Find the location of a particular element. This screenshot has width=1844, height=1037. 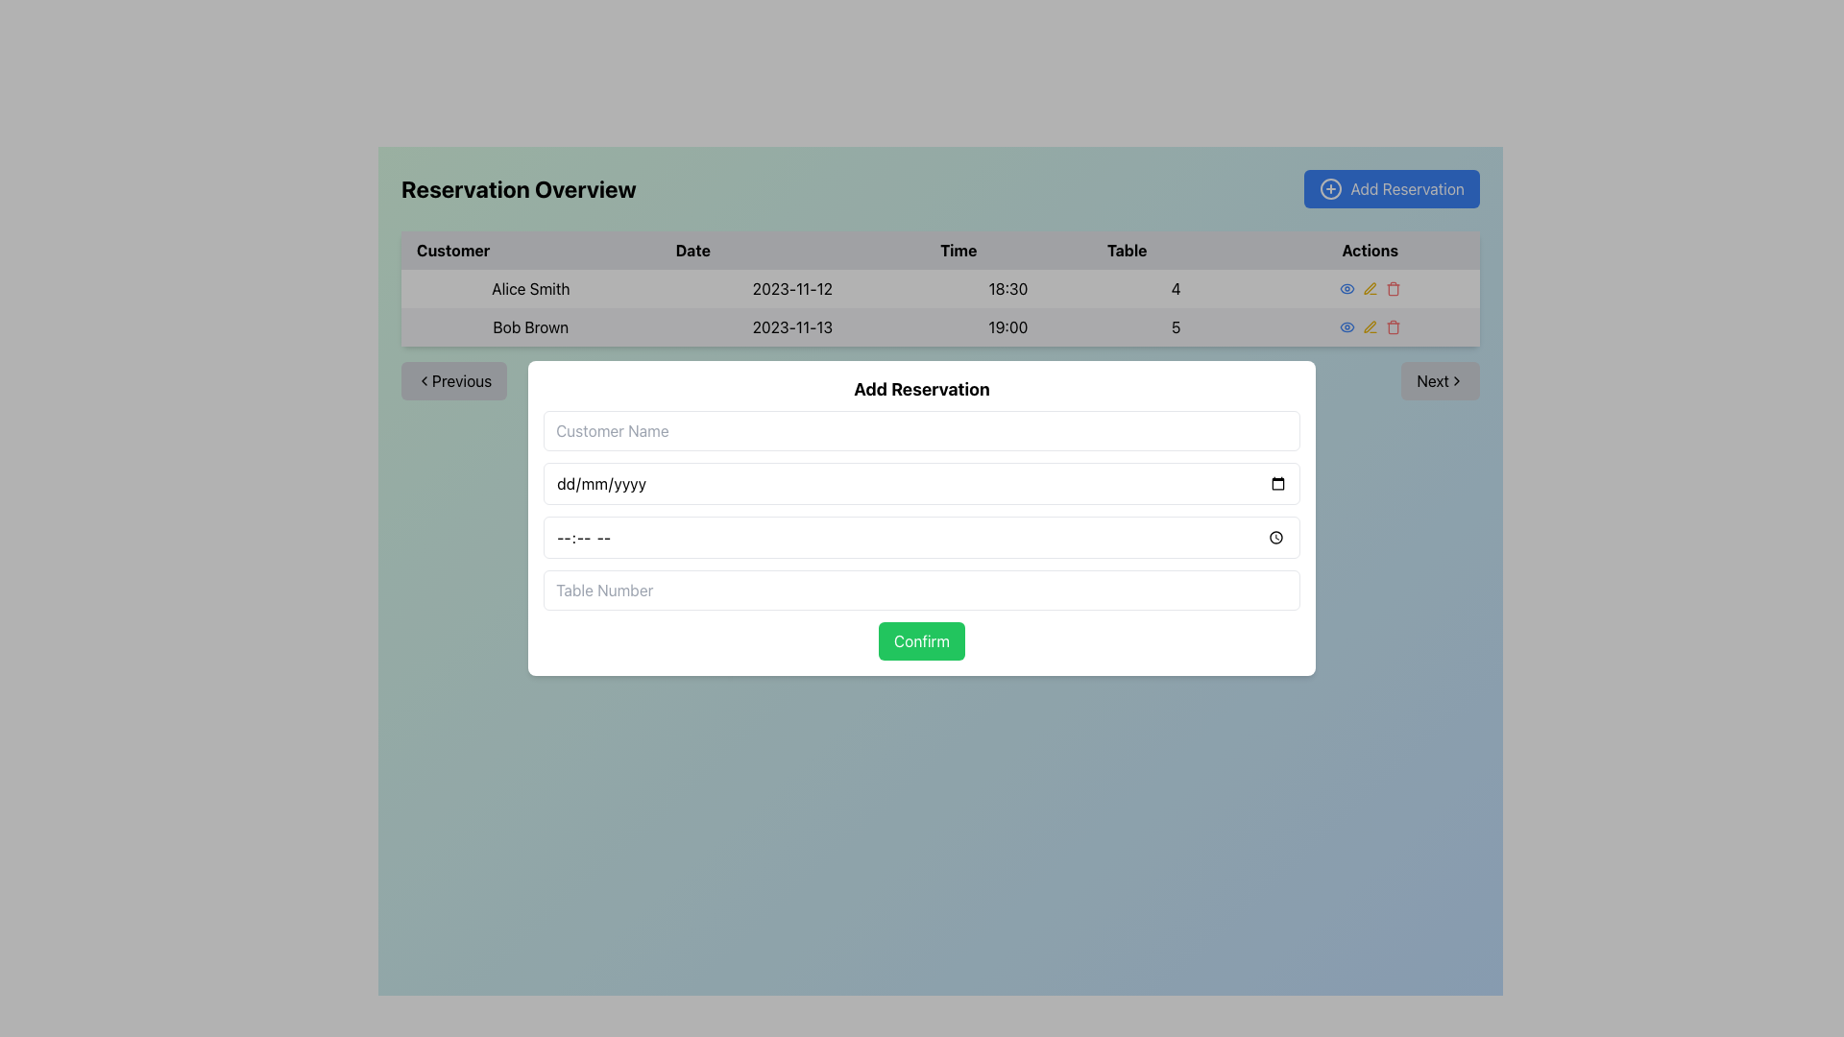

text content of the label indicating the reservation time for 'Alice Smith' at 18:30 on 2023-11-12, located in the 'Time' column of the table is located at coordinates (1007, 288).